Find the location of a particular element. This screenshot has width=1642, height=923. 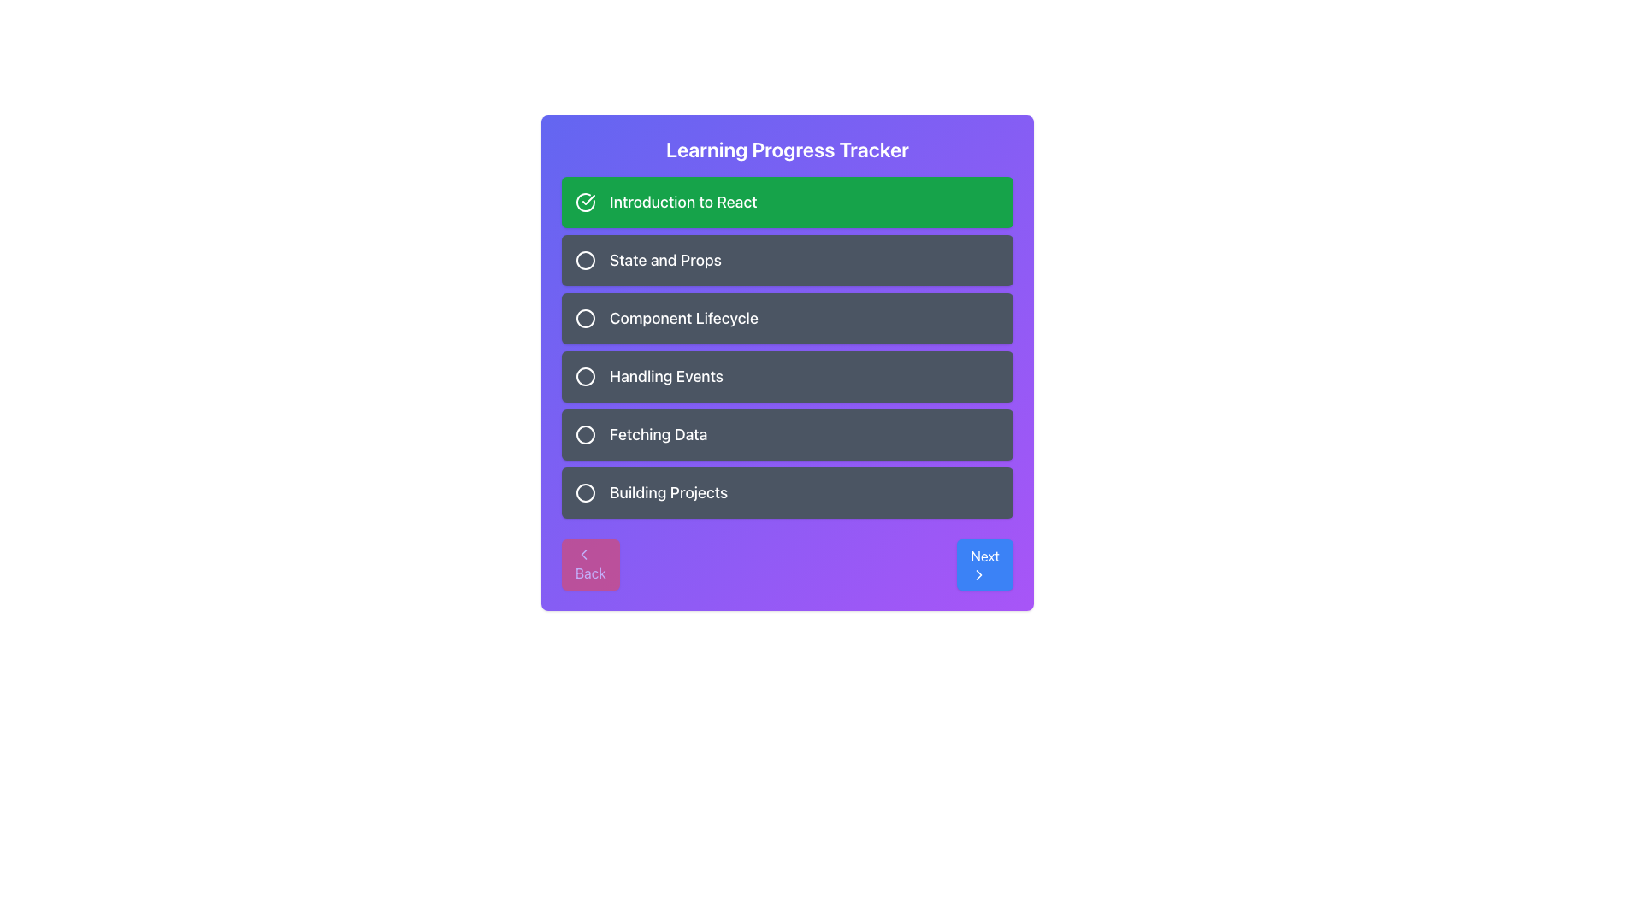

the circular selection indicator for the 'Building Projects' option in the Learning Progress Tracker is located at coordinates (586, 493).